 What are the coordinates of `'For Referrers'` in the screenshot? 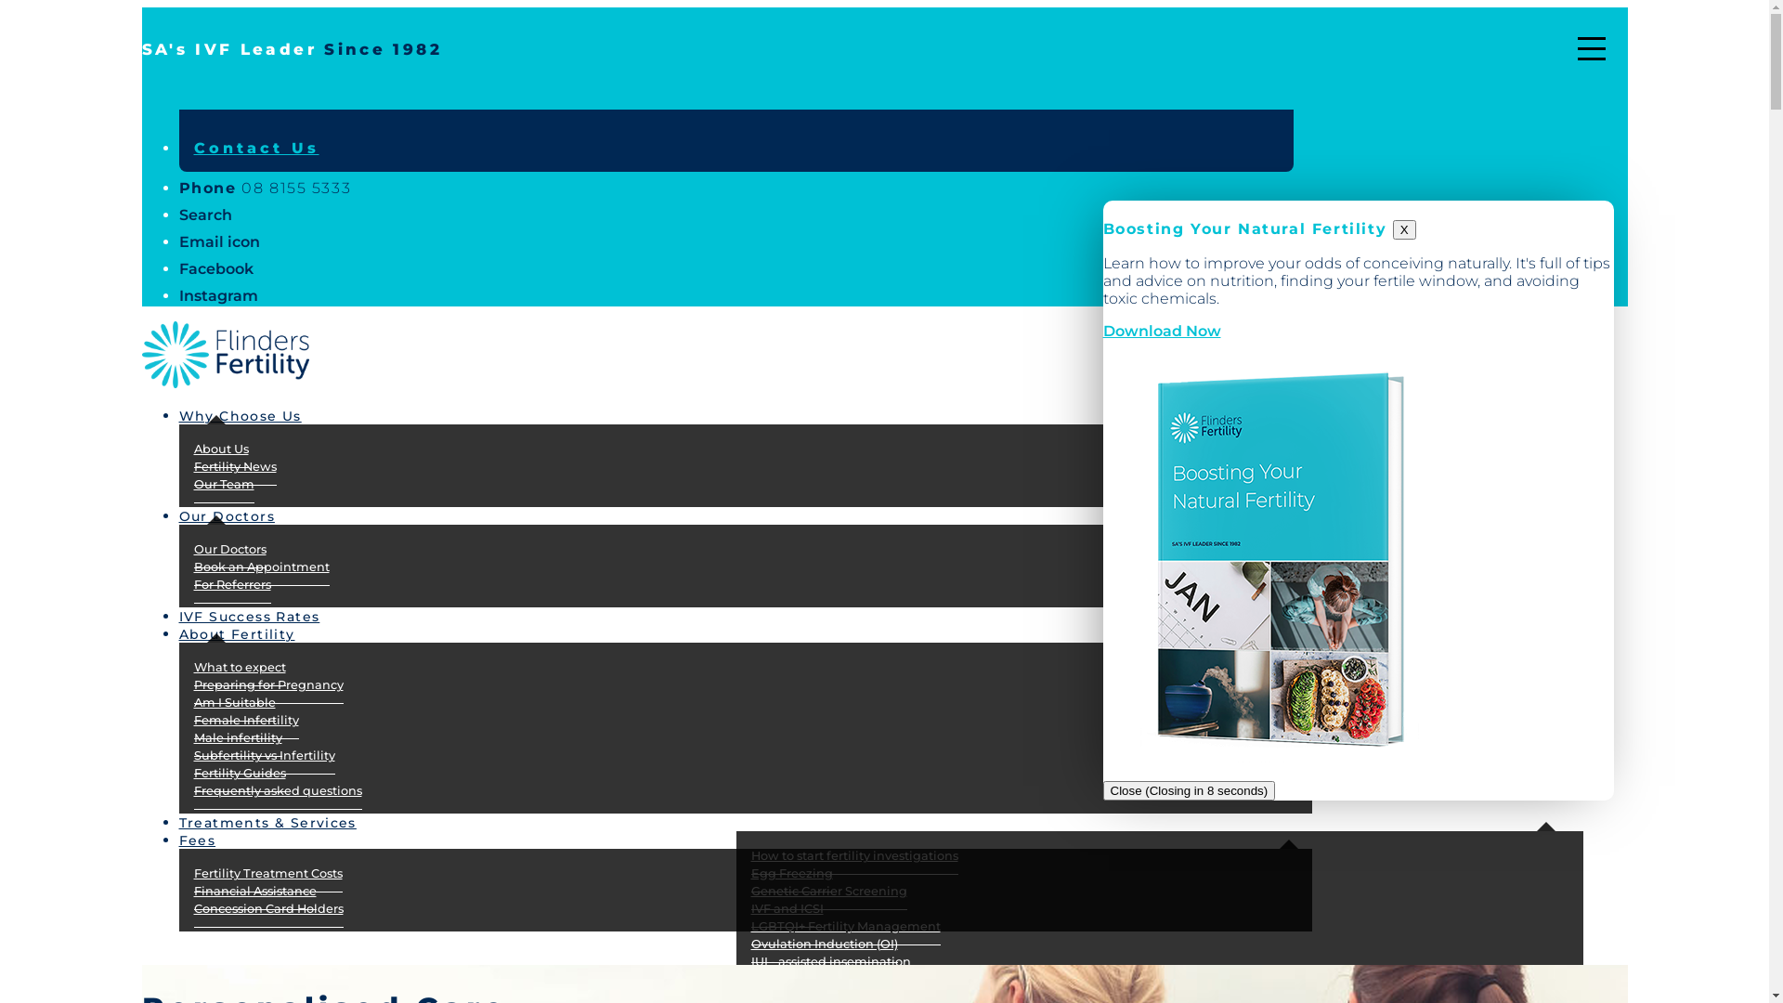 It's located at (230, 583).